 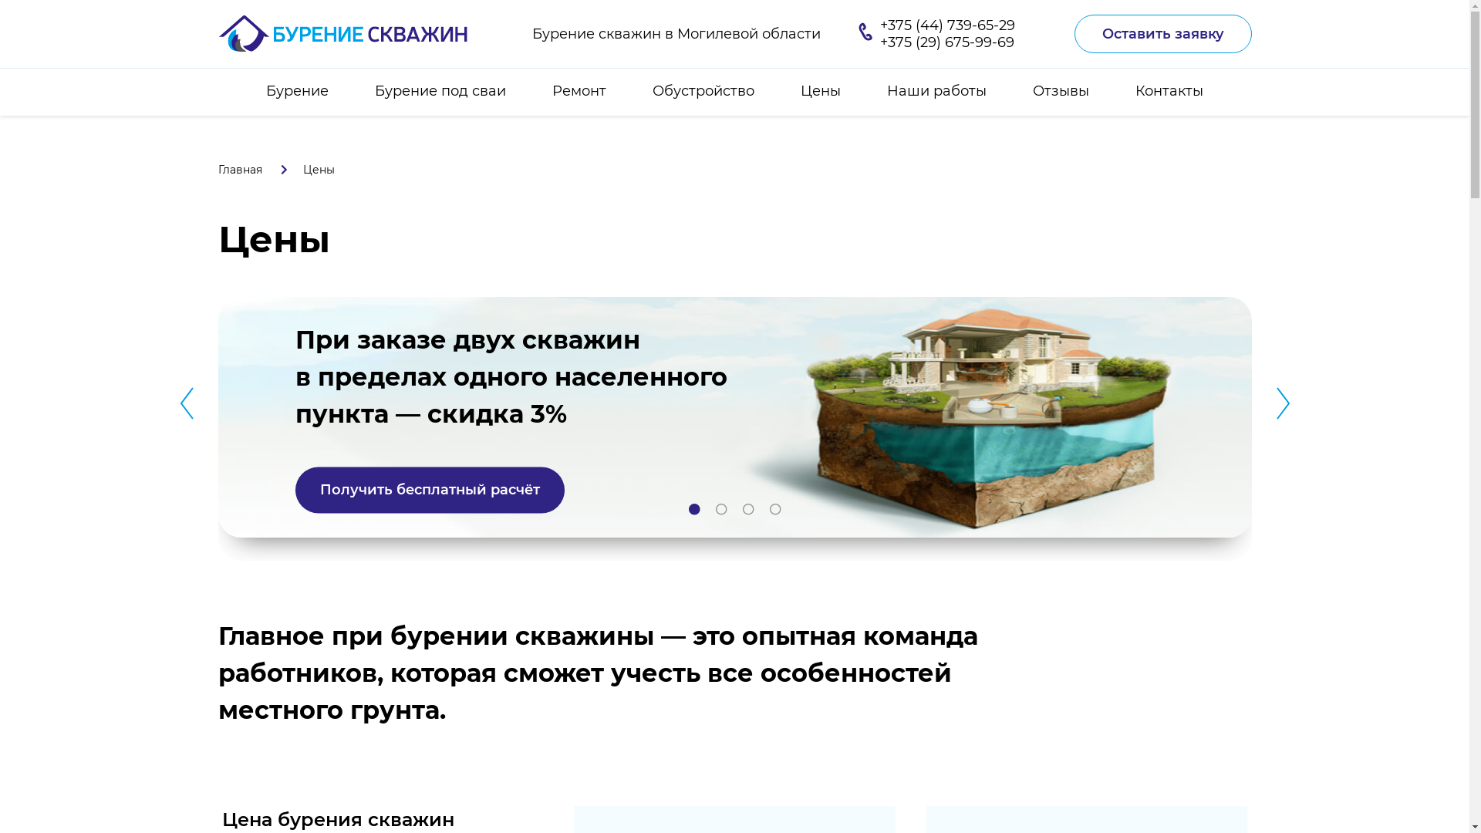 I want to click on '2', so click(x=720, y=509).